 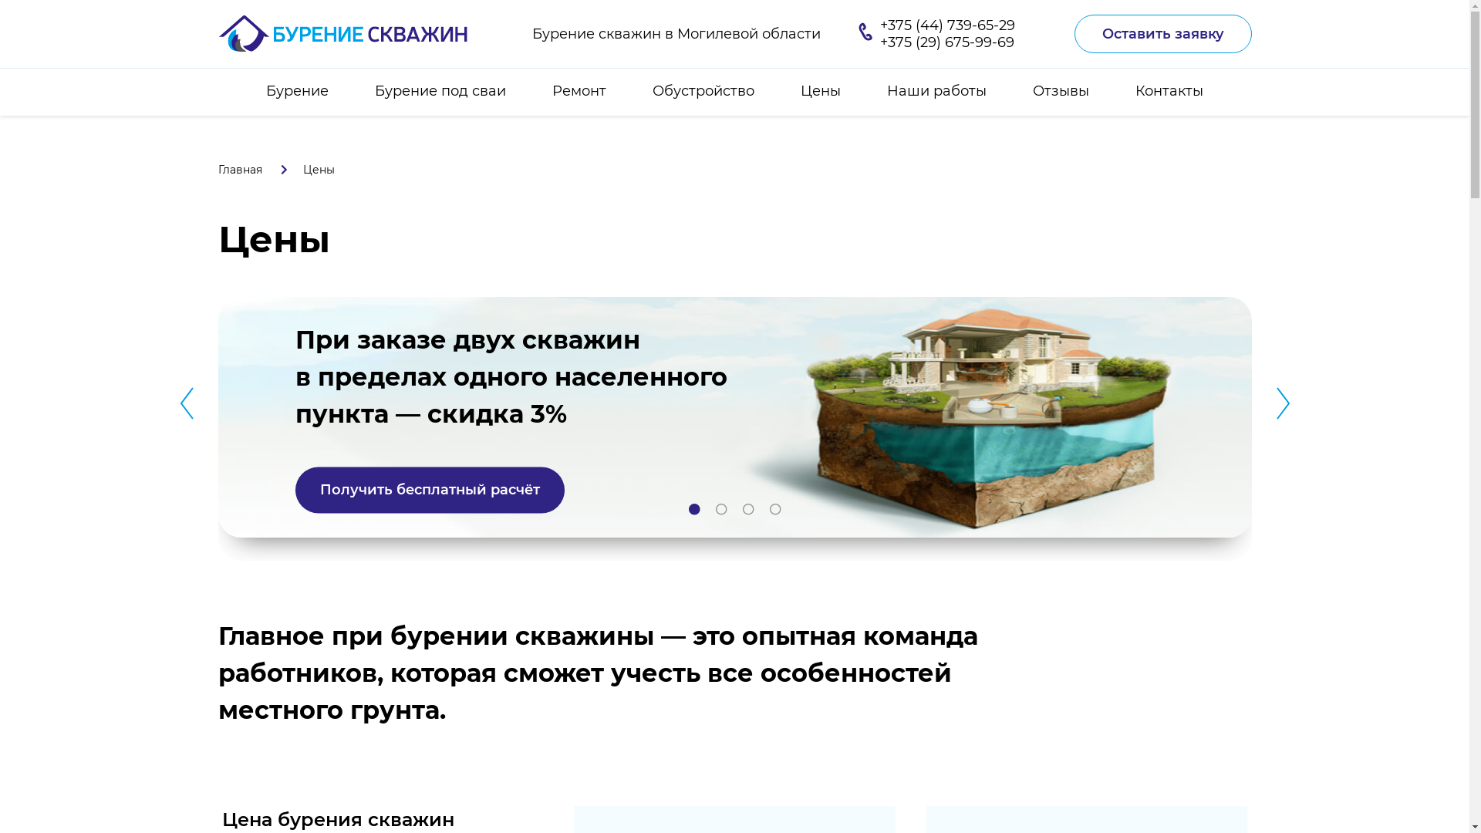 I want to click on '2', so click(x=720, y=509).